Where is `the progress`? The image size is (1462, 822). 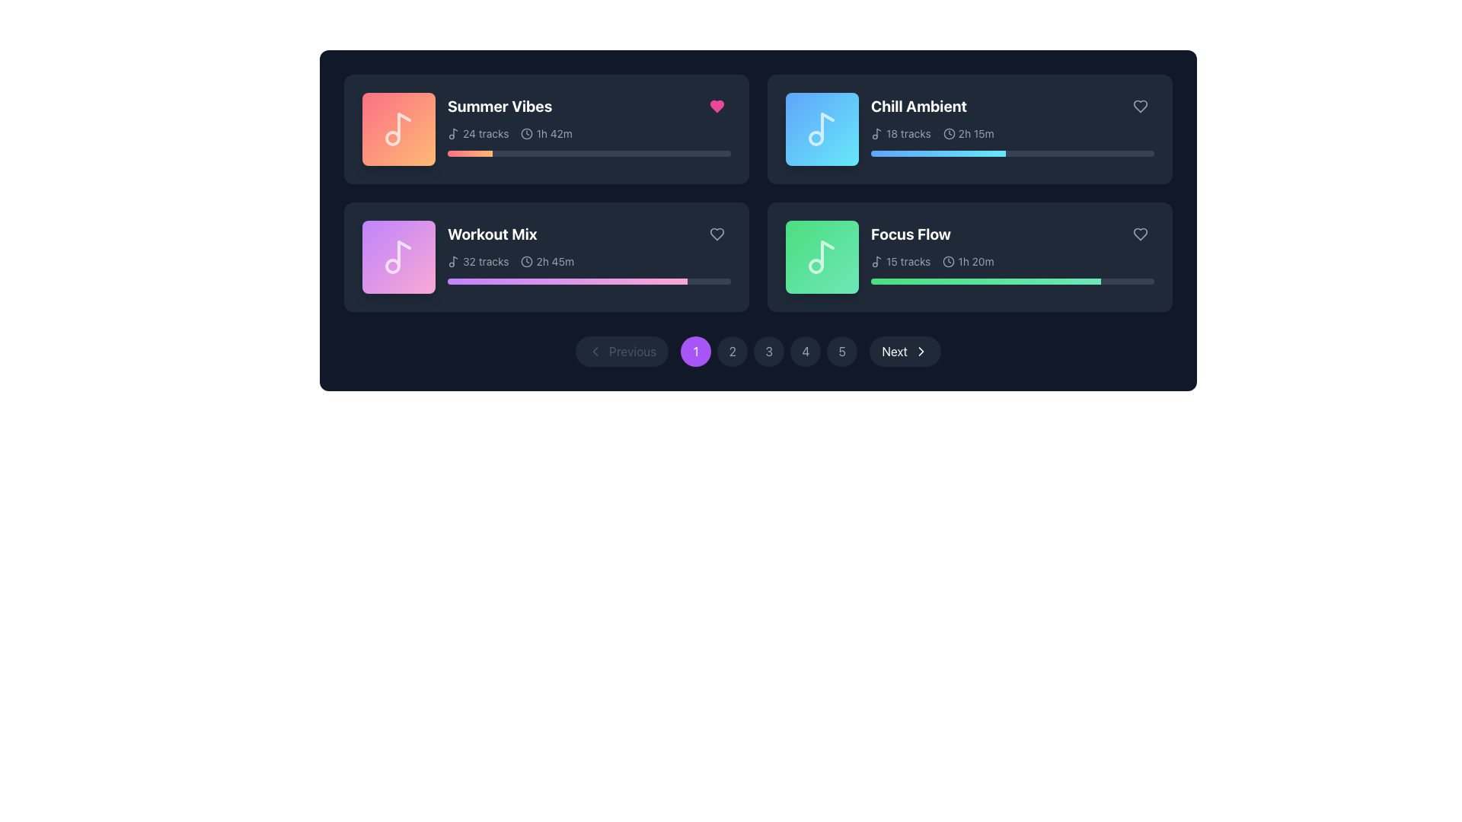 the progress is located at coordinates (458, 153).